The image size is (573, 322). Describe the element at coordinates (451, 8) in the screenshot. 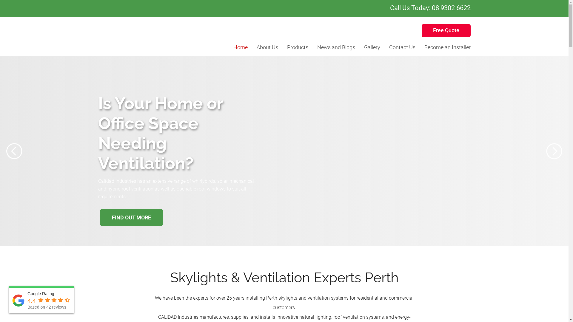

I see `'08 9302 6622'` at that location.